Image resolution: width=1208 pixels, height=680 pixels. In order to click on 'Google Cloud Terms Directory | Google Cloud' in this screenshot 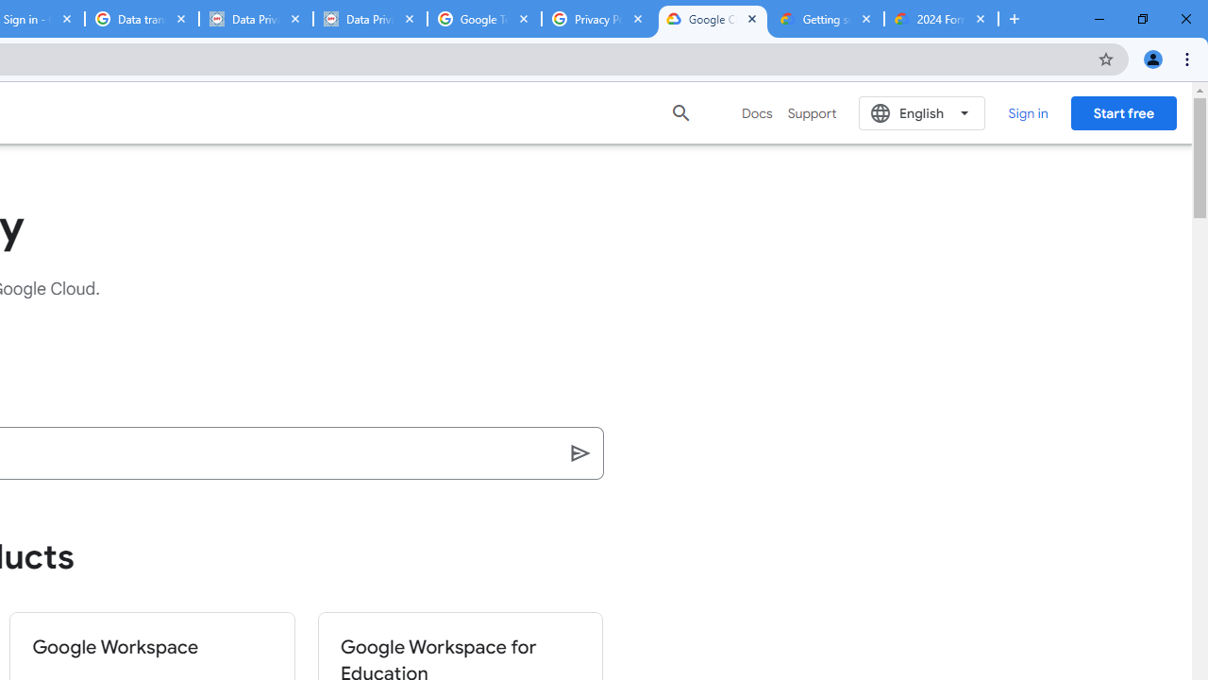, I will do `click(712, 19)`.